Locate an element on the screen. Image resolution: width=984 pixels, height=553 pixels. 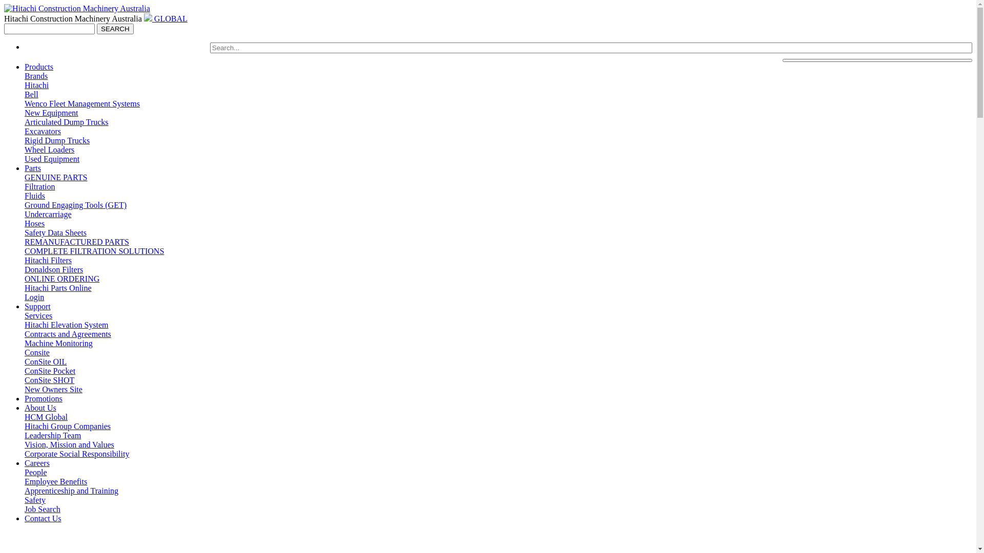
'Wheel Loaders' is located at coordinates (49, 150).